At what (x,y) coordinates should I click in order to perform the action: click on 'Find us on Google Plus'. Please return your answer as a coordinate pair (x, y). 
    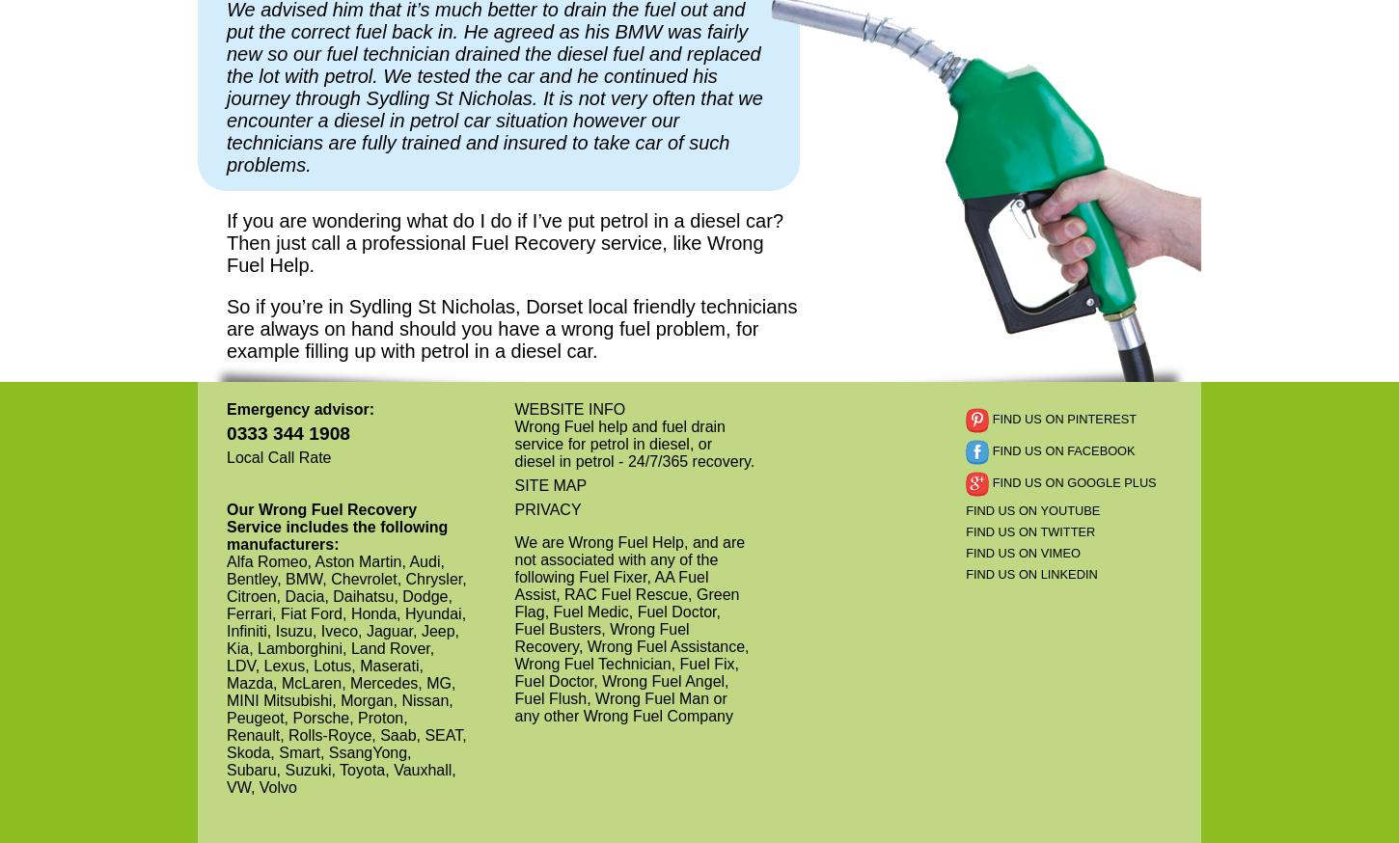
    Looking at the image, I should click on (1071, 481).